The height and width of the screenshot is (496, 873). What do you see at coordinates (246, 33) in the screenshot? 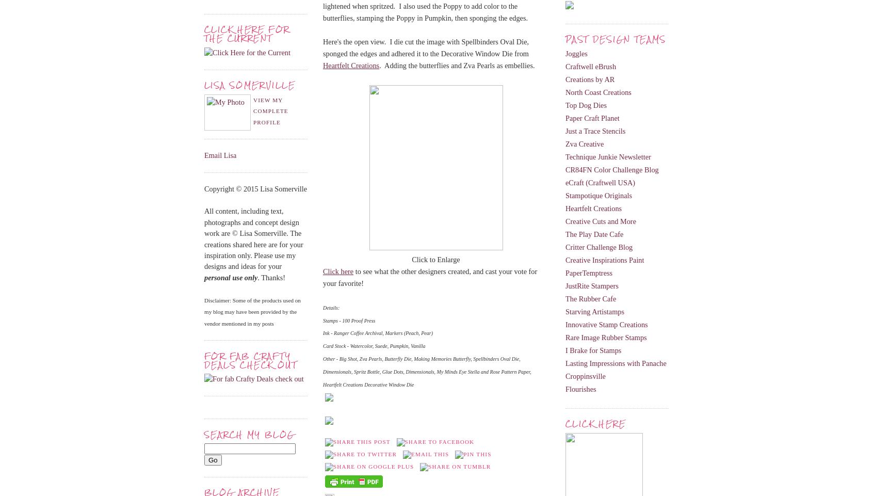
I see `'Click Here for the Current'` at bounding box center [246, 33].